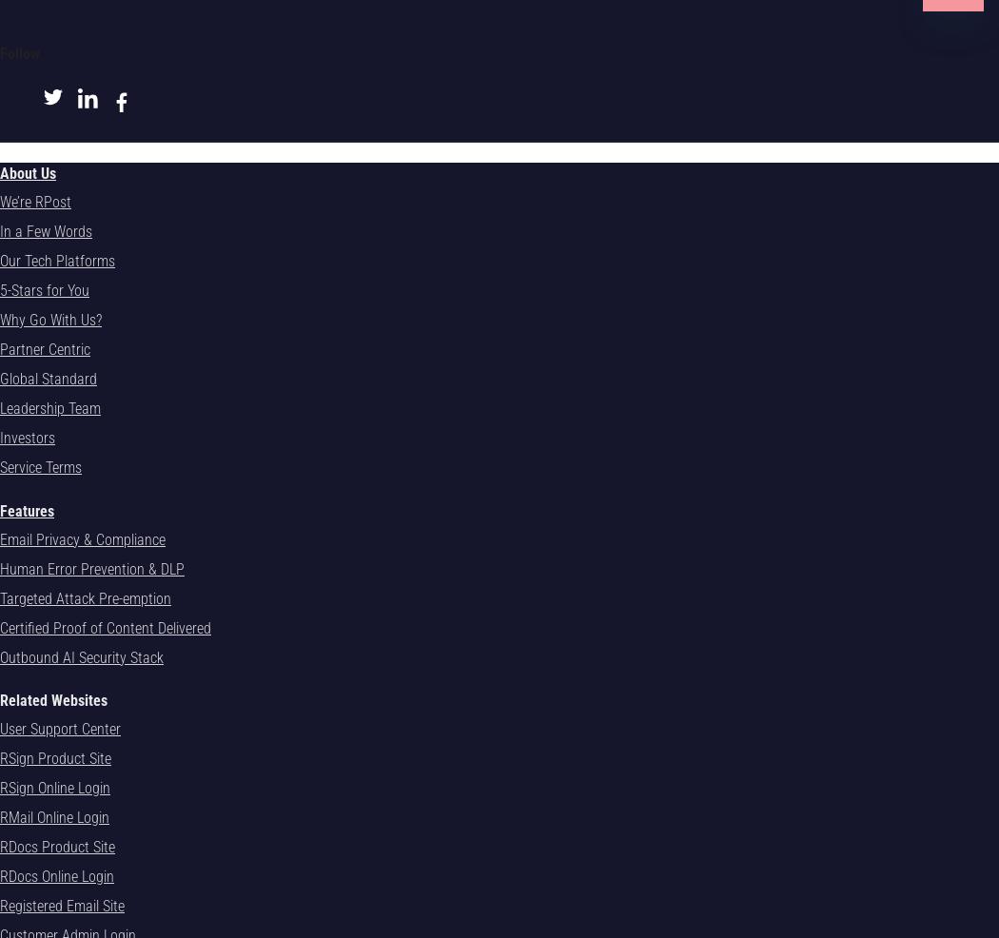 This screenshot has height=938, width=999. What do you see at coordinates (28, 172) in the screenshot?
I see `'About Us'` at bounding box center [28, 172].